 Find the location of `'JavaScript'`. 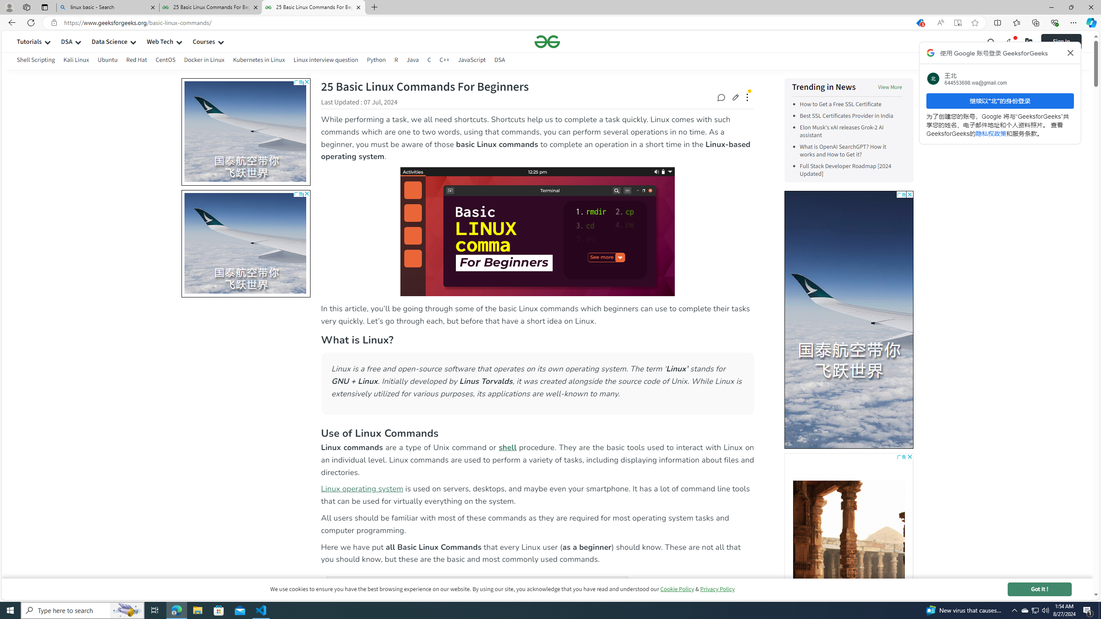

'JavaScript' is located at coordinates (471, 59).